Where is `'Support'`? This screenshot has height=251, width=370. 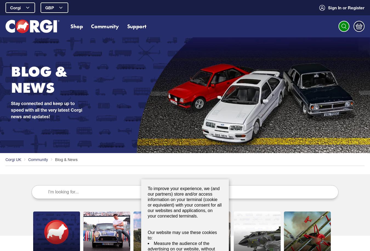
'Support' is located at coordinates (136, 26).